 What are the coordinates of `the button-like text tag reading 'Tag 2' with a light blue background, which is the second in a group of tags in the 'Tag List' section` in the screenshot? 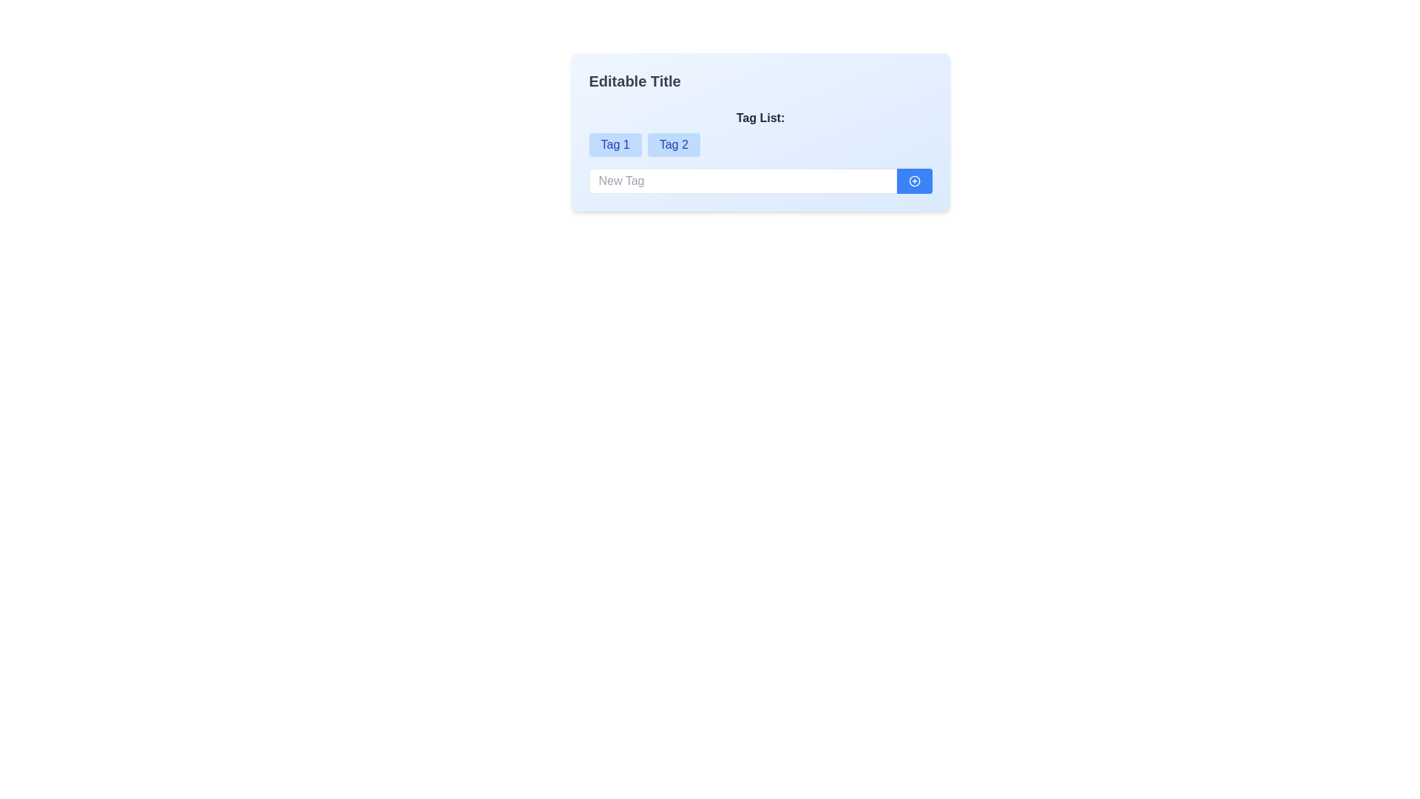 It's located at (673, 145).